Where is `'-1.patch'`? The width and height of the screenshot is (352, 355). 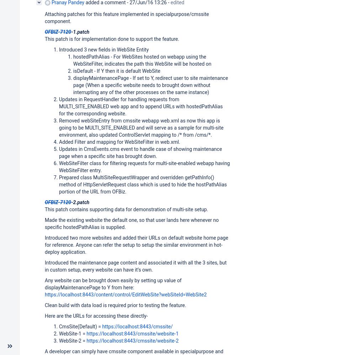 '-1.patch' is located at coordinates (80, 31).